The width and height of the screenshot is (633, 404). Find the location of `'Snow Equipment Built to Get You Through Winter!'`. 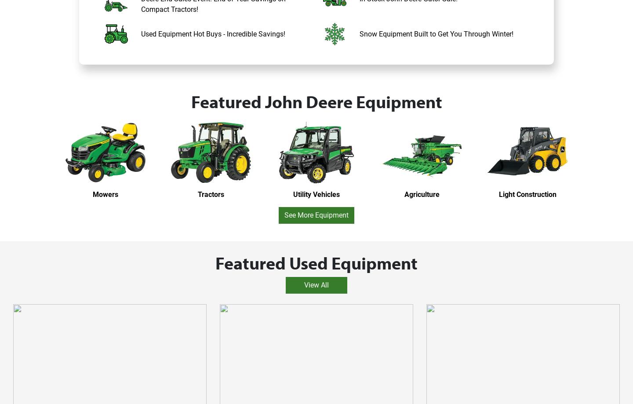

'Snow Equipment Built to Get You Through Winter!' is located at coordinates (436, 33).